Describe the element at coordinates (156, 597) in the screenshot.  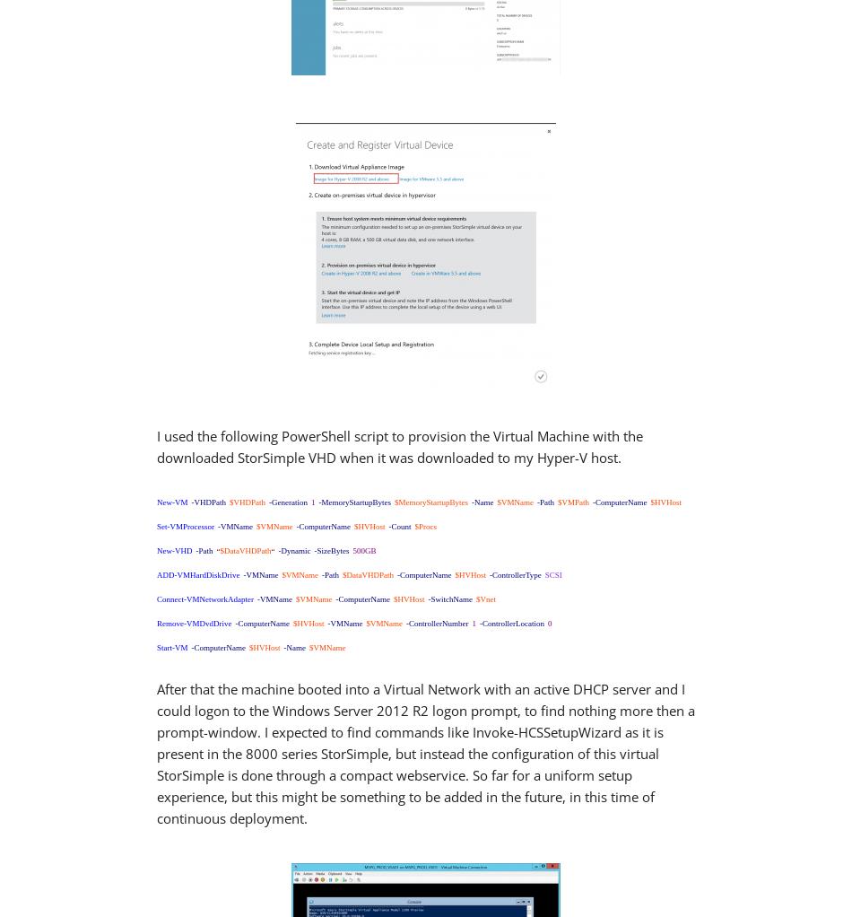
I see `'Connect-VMNetworkAdapter'` at that location.